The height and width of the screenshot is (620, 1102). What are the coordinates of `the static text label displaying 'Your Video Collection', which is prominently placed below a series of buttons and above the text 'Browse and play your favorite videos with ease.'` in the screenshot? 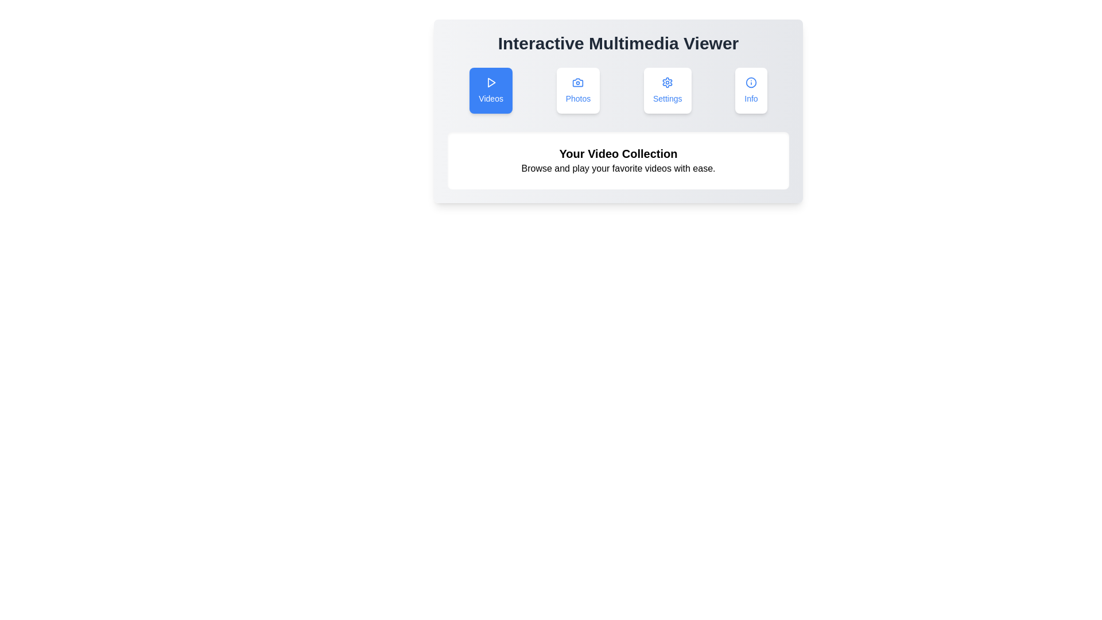 It's located at (618, 153).